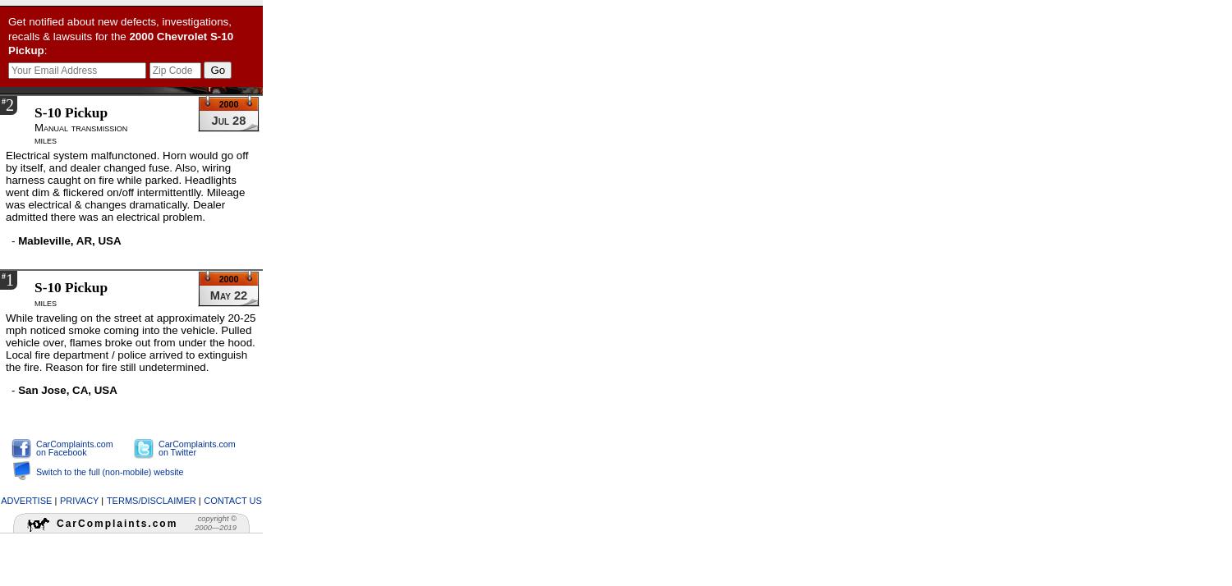  Describe the element at coordinates (73, 446) in the screenshot. I see `'CarComplaints.com on Facebook'` at that location.